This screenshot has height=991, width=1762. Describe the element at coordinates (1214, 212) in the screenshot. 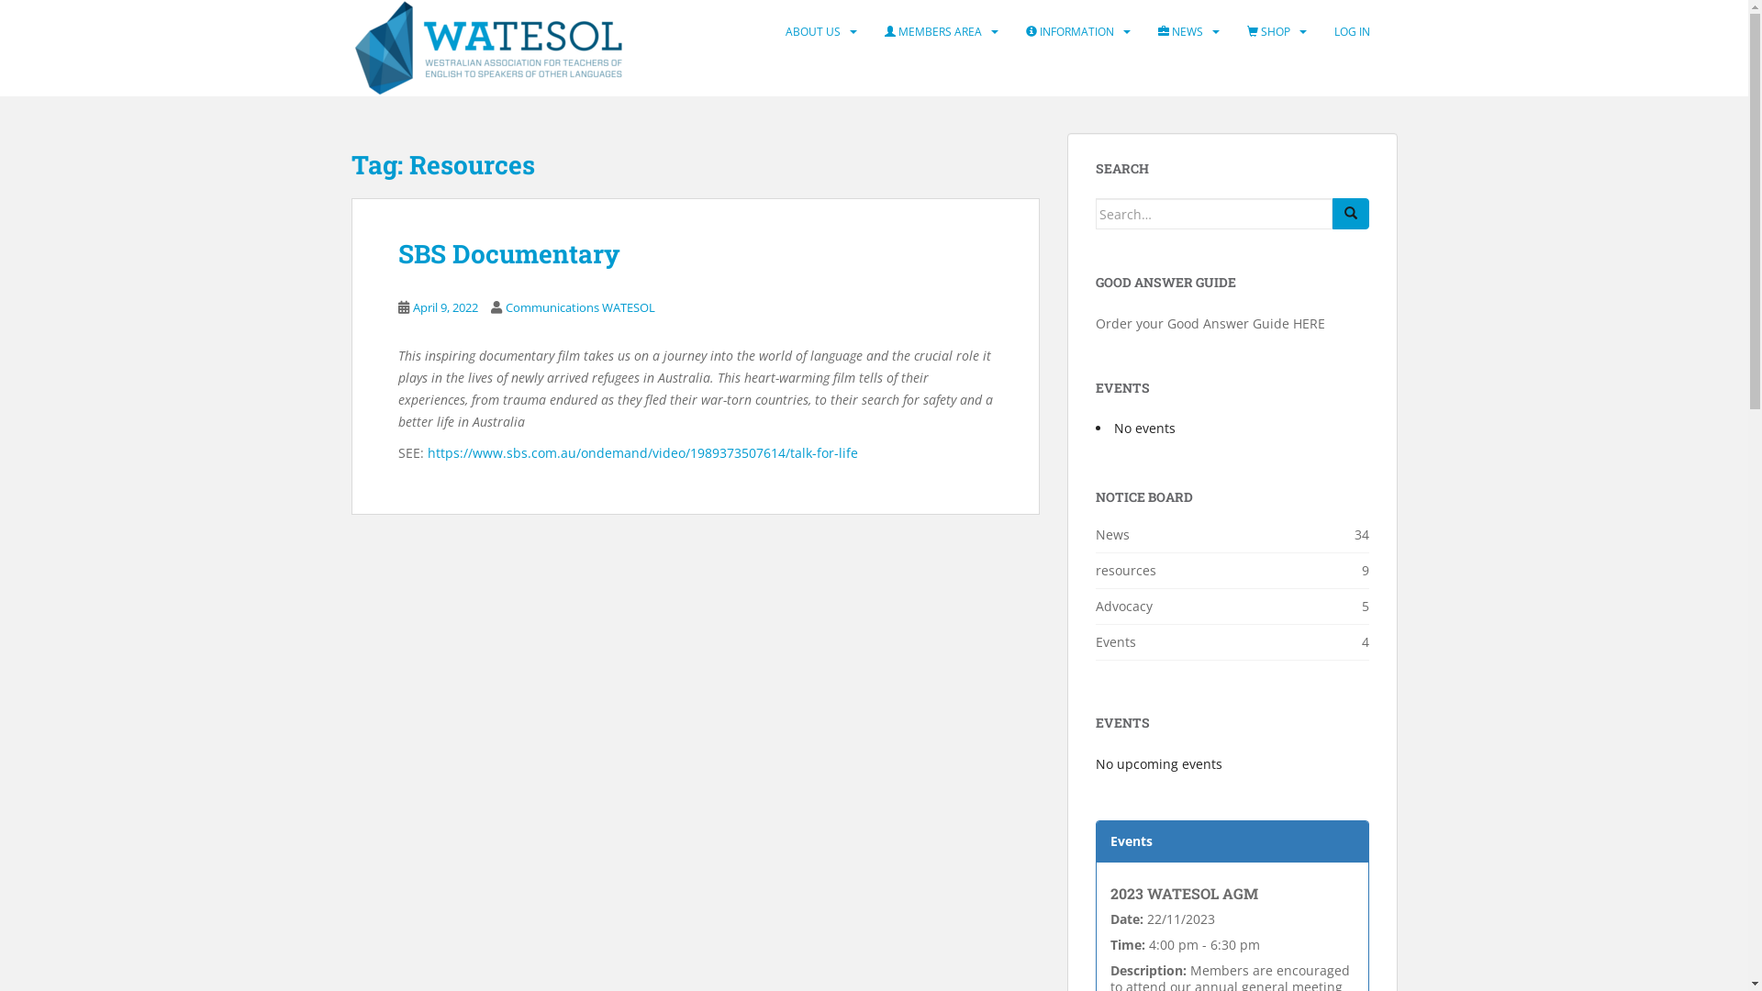

I see `'Search for:'` at that location.